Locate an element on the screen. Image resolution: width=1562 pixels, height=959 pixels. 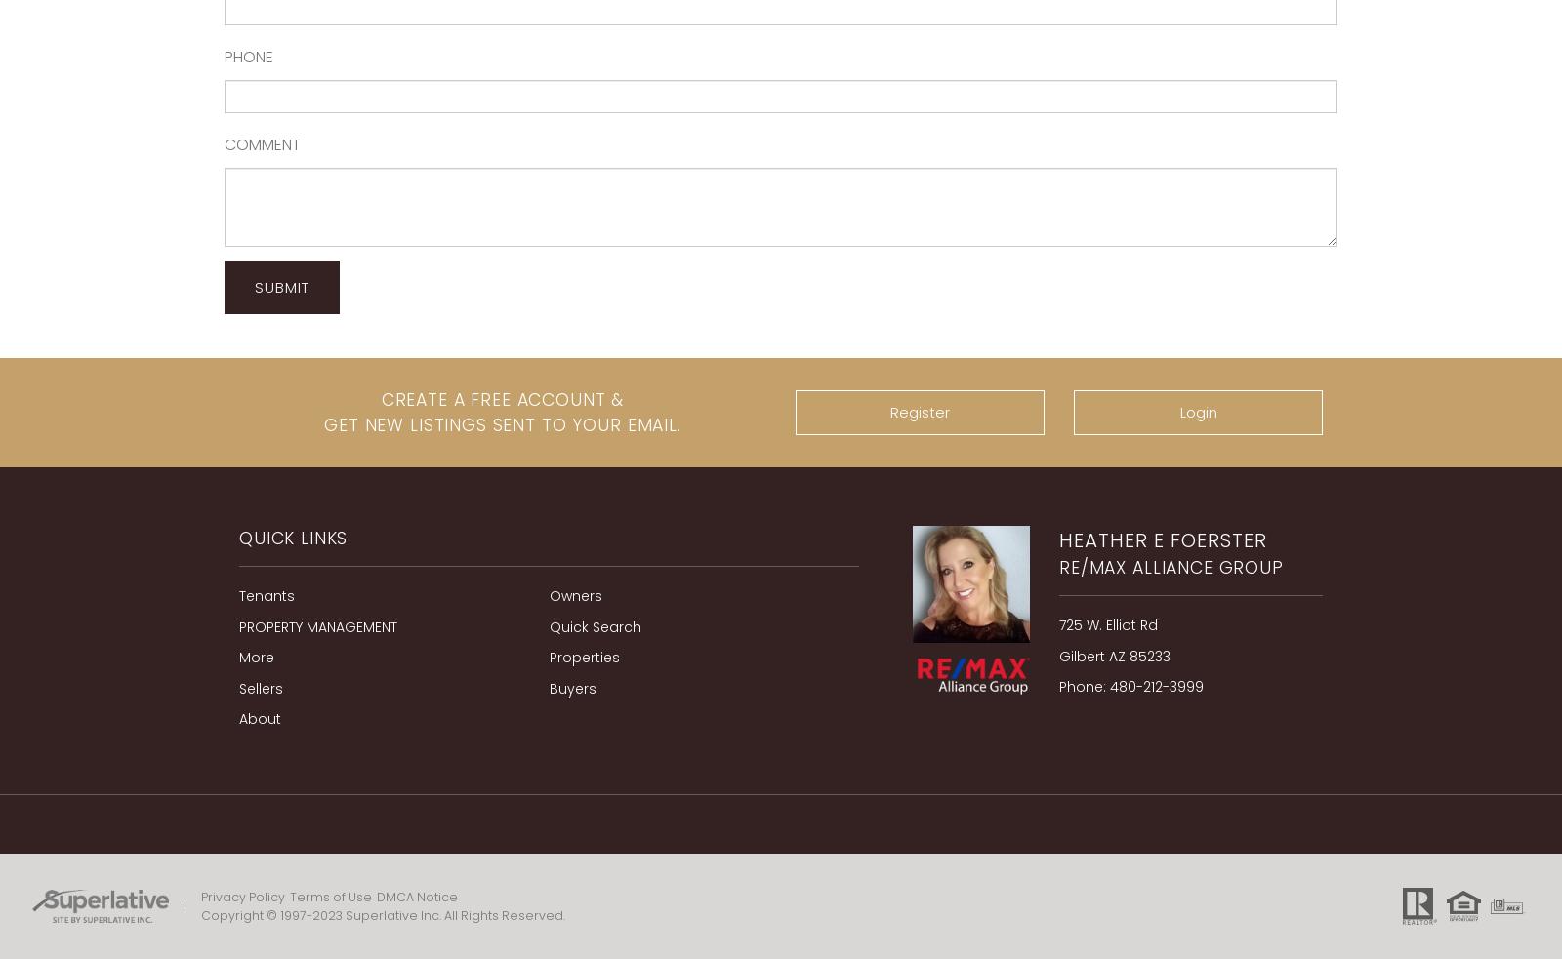
'|' is located at coordinates (184, 904).